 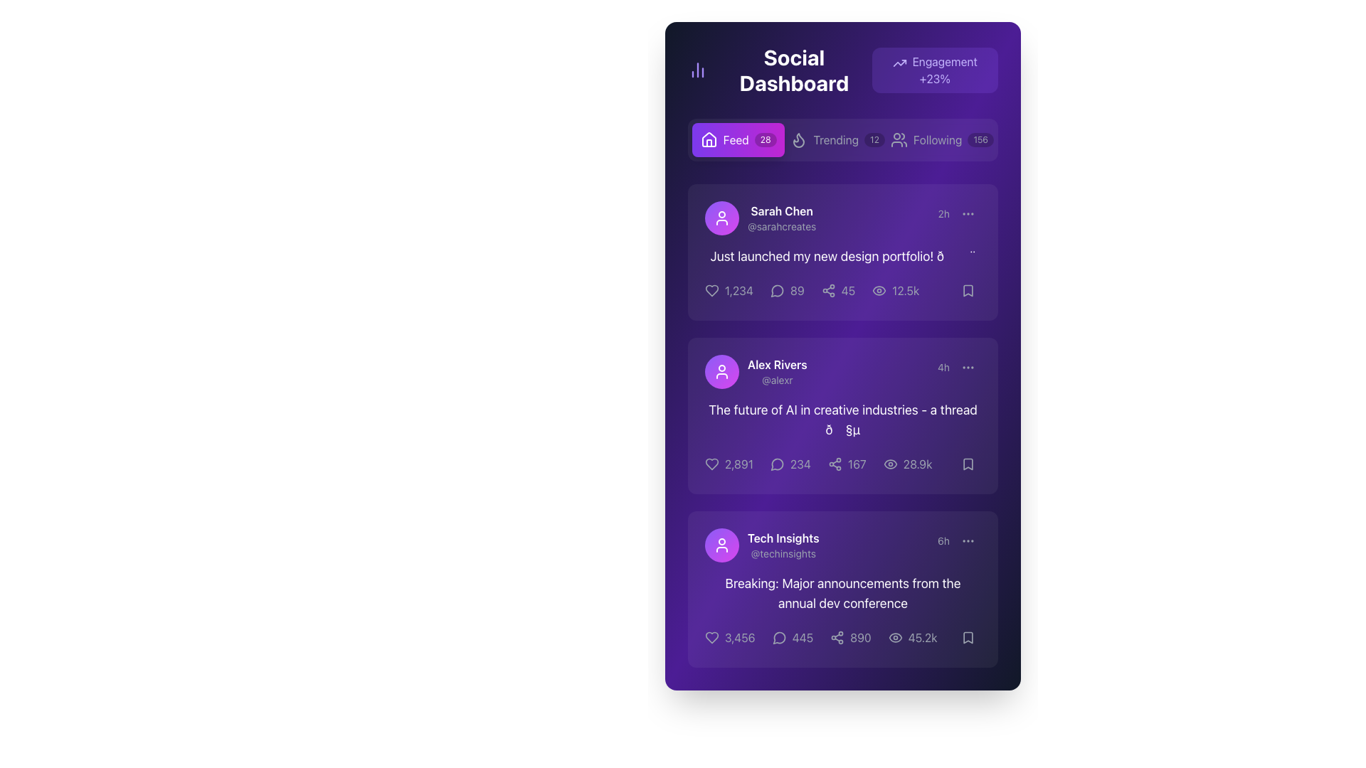 What do you see at coordinates (721, 218) in the screenshot?
I see `the circular avatar styled with a gradient color background transitioning from violet to fuchsia, which features a white user silhouette icon at its center, located within the card labeled 'Sarah Chen' and '@sarahcreates'` at bounding box center [721, 218].